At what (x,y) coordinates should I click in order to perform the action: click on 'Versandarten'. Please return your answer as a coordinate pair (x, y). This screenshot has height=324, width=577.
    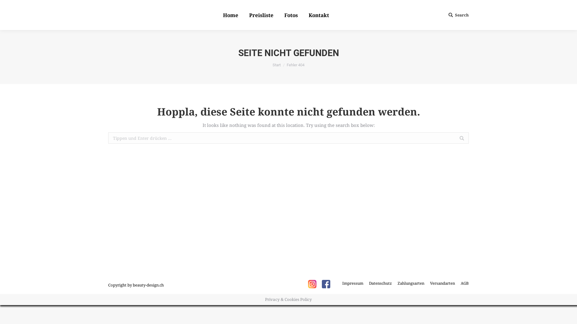
    Looking at the image, I should click on (429, 283).